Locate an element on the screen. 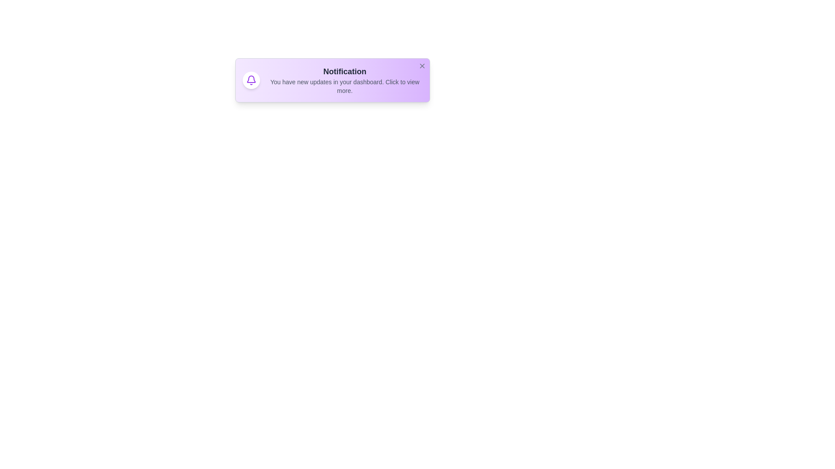 Image resolution: width=835 pixels, height=469 pixels. the purple bell-shaped notification icon located at the top-left corner of the notification card is located at coordinates (250, 79).